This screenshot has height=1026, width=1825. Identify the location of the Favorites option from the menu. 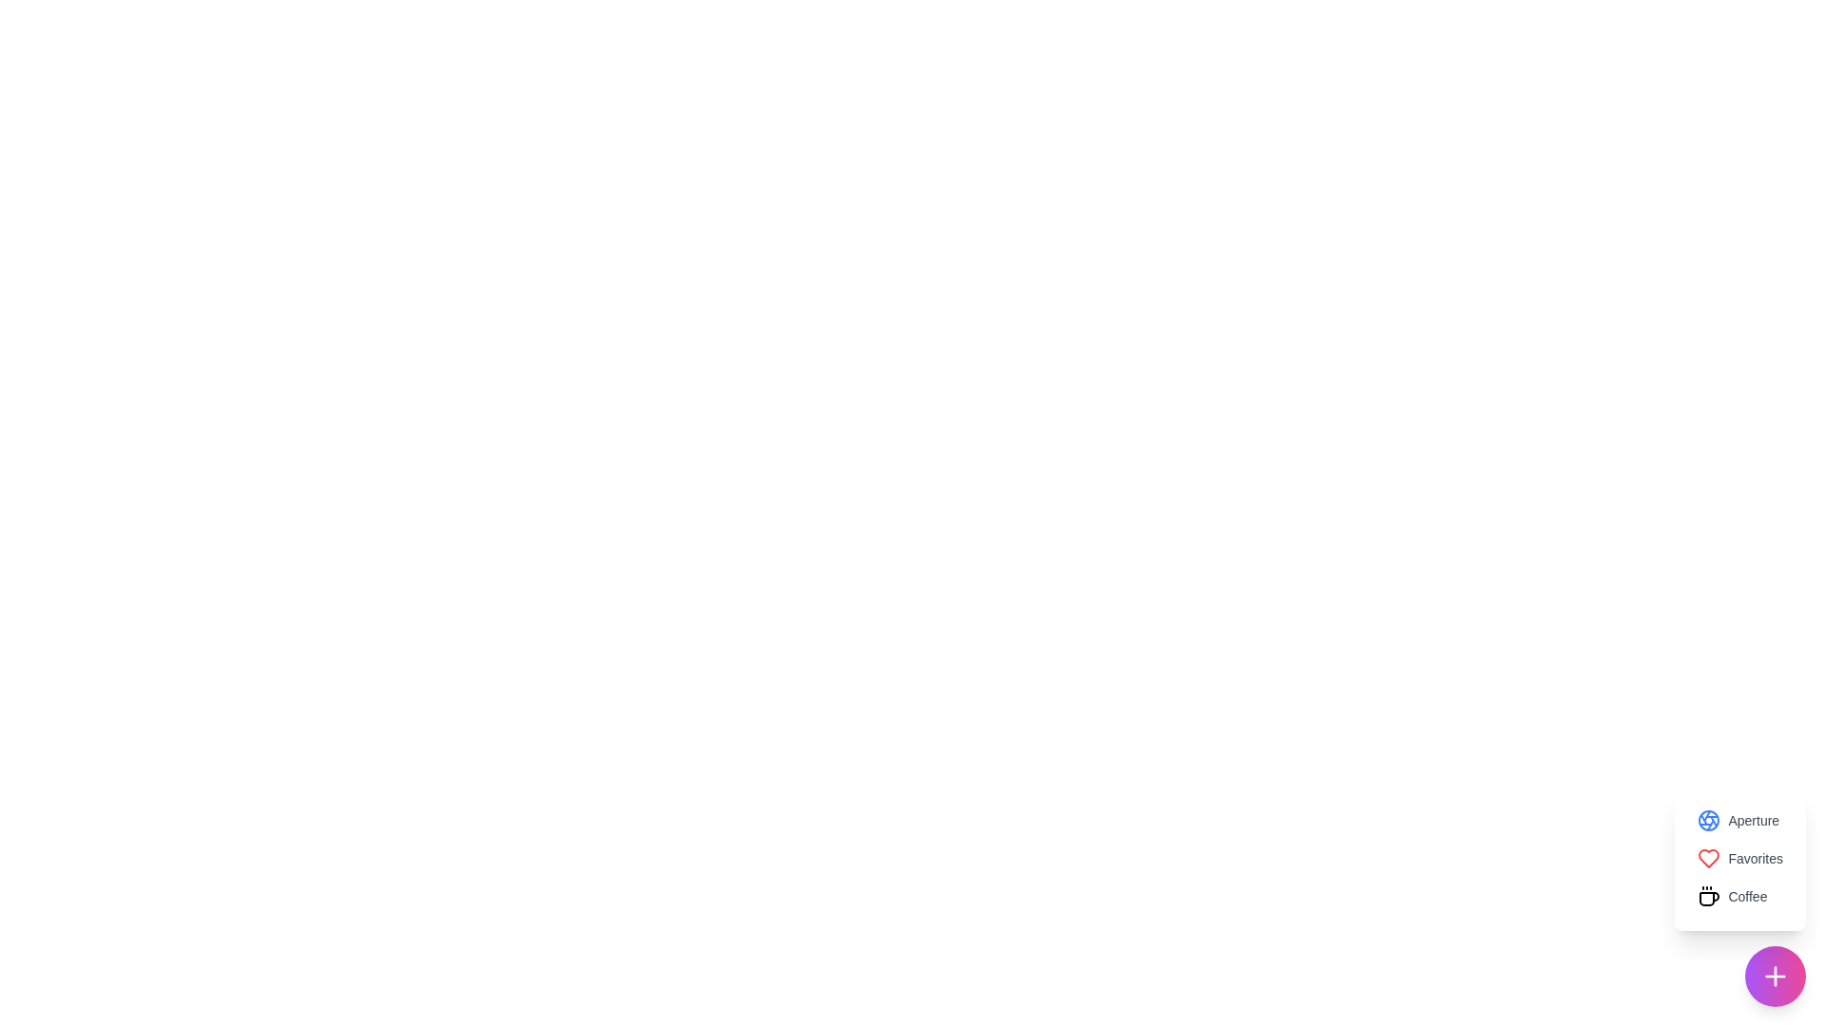
(1739, 858).